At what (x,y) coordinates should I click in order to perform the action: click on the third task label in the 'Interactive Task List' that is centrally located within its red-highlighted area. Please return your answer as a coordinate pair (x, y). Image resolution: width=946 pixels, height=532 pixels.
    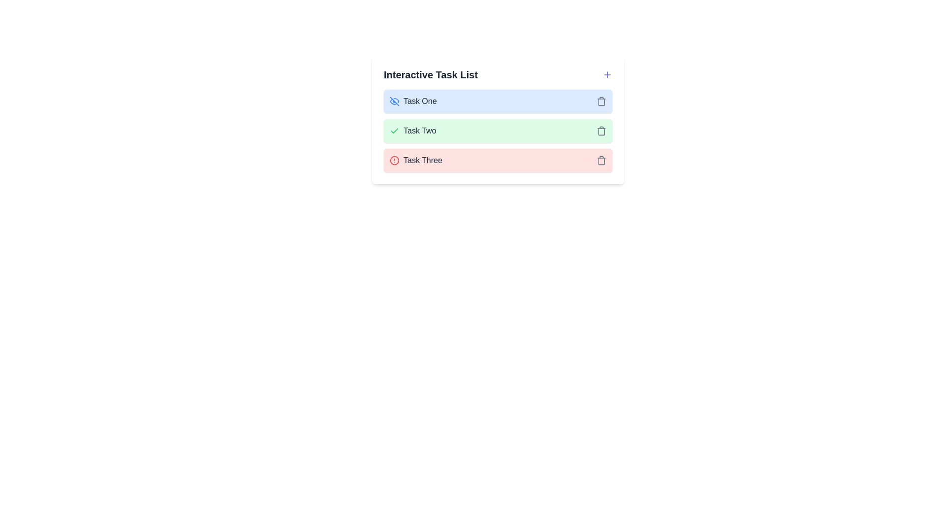
    Looking at the image, I should click on (423, 160).